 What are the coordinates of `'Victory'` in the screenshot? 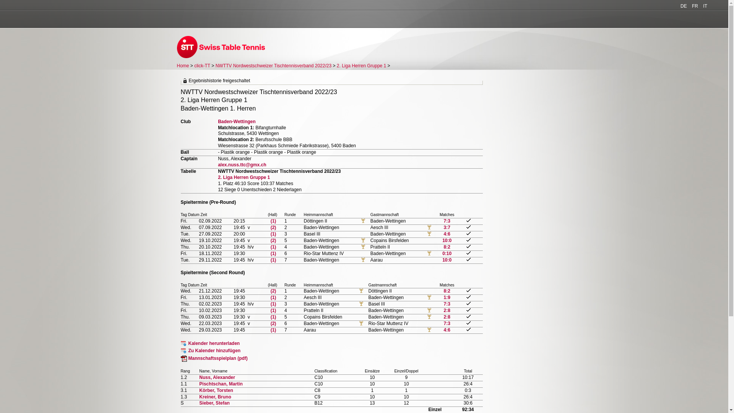 It's located at (429, 297).